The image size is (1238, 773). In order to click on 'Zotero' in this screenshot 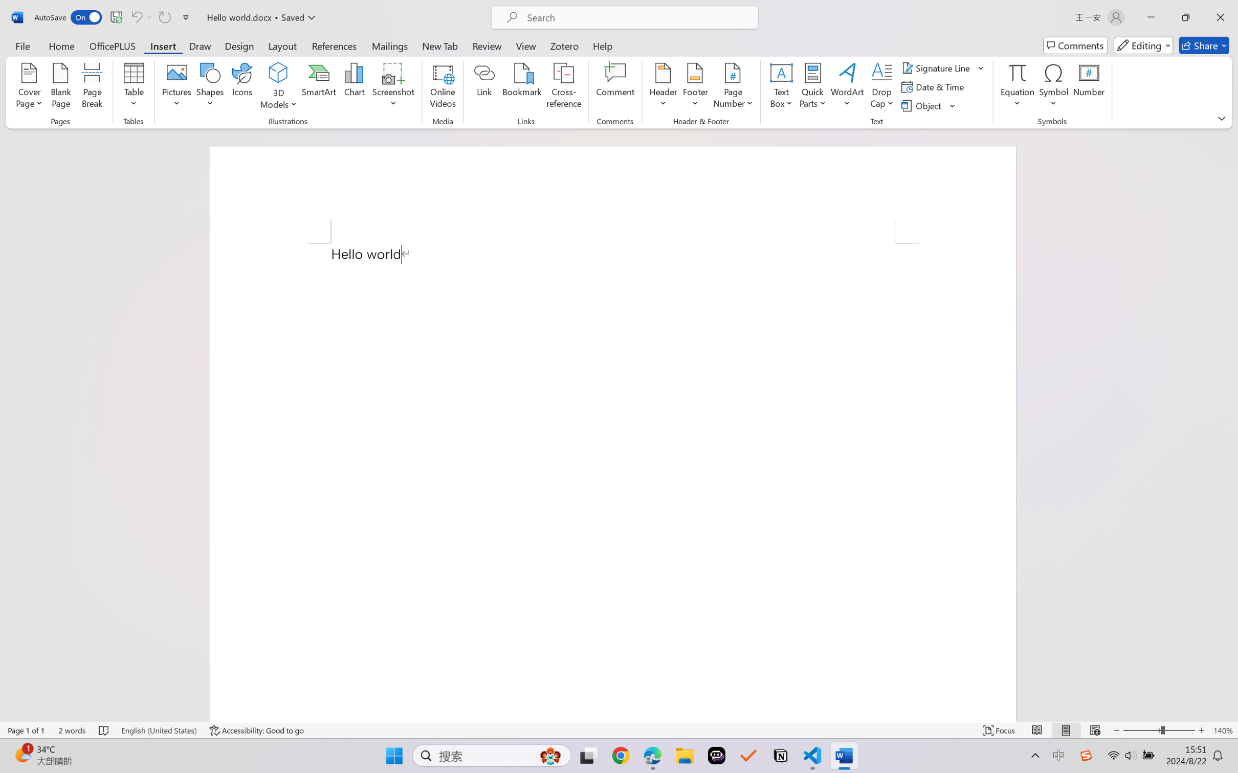, I will do `click(564, 45)`.